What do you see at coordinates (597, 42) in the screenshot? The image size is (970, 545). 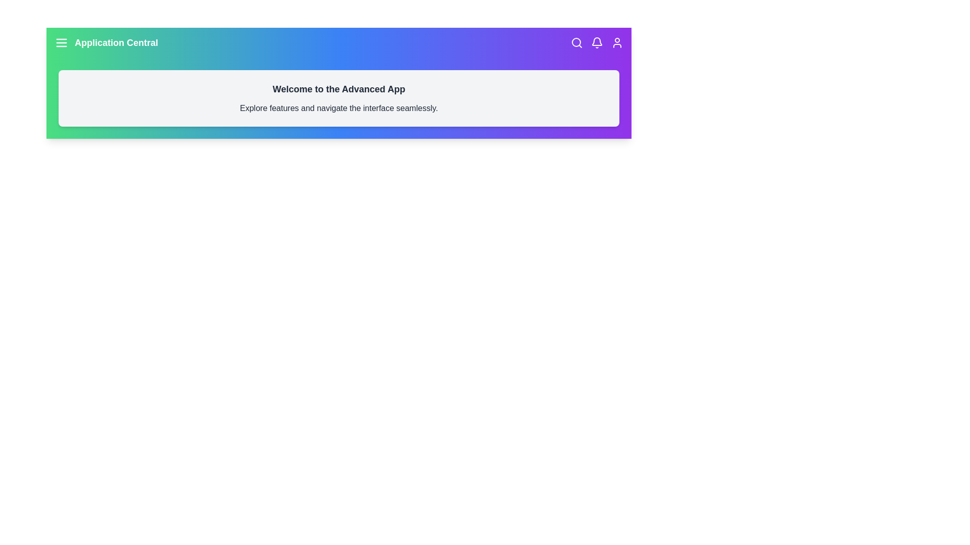 I see `the notification icon to interact with it` at bounding box center [597, 42].